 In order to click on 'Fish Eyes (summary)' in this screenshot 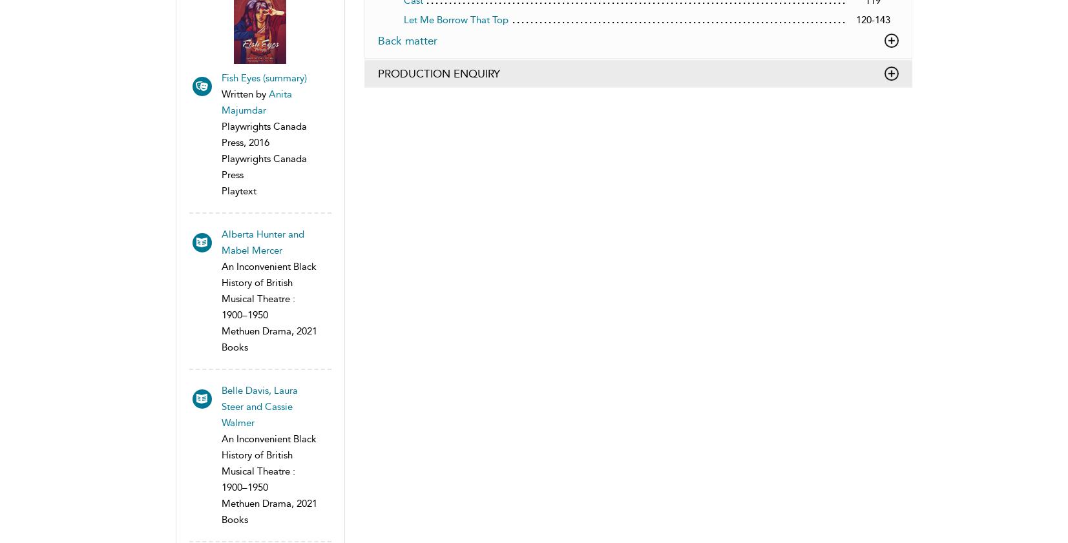, I will do `click(262, 77)`.